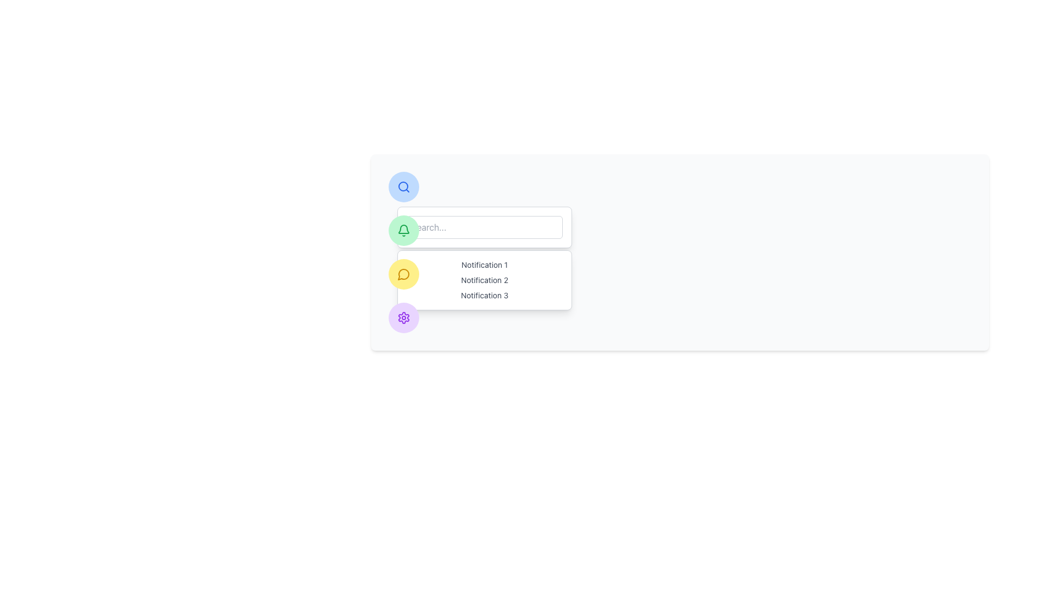  I want to click on the notification icon button located to the left of the search input field, so click(403, 230).